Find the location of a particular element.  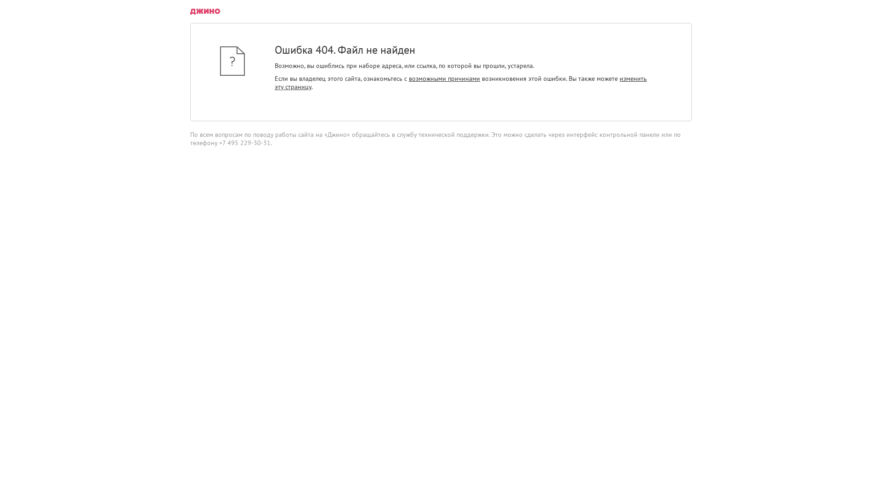

'+7 495 229-30-31' is located at coordinates (244, 143).